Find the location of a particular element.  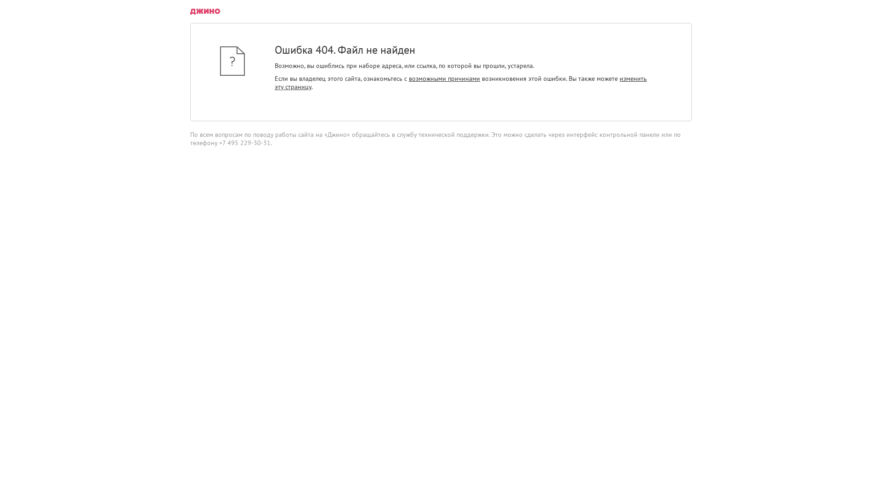

'+7 495 229-30-31' is located at coordinates (244, 143).